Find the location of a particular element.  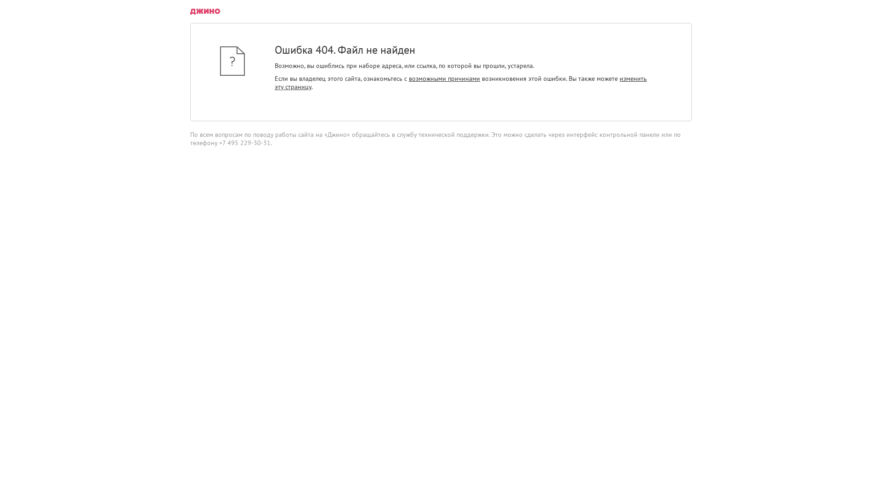

'+7 495 229-30-31' is located at coordinates (244, 143).